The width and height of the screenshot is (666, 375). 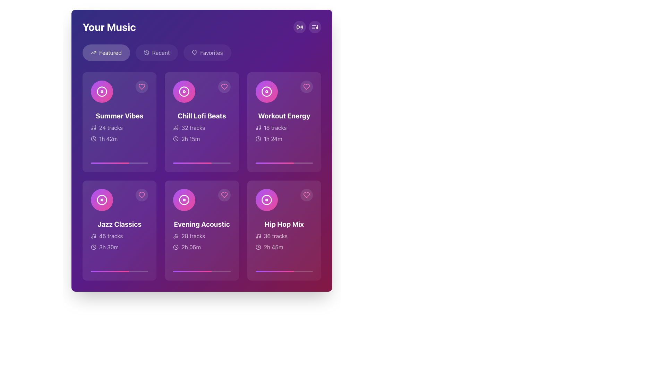 I want to click on the button located in the header section at the top-right corner of the interface, which is the second circular button with a music notation icon, so click(x=314, y=26).